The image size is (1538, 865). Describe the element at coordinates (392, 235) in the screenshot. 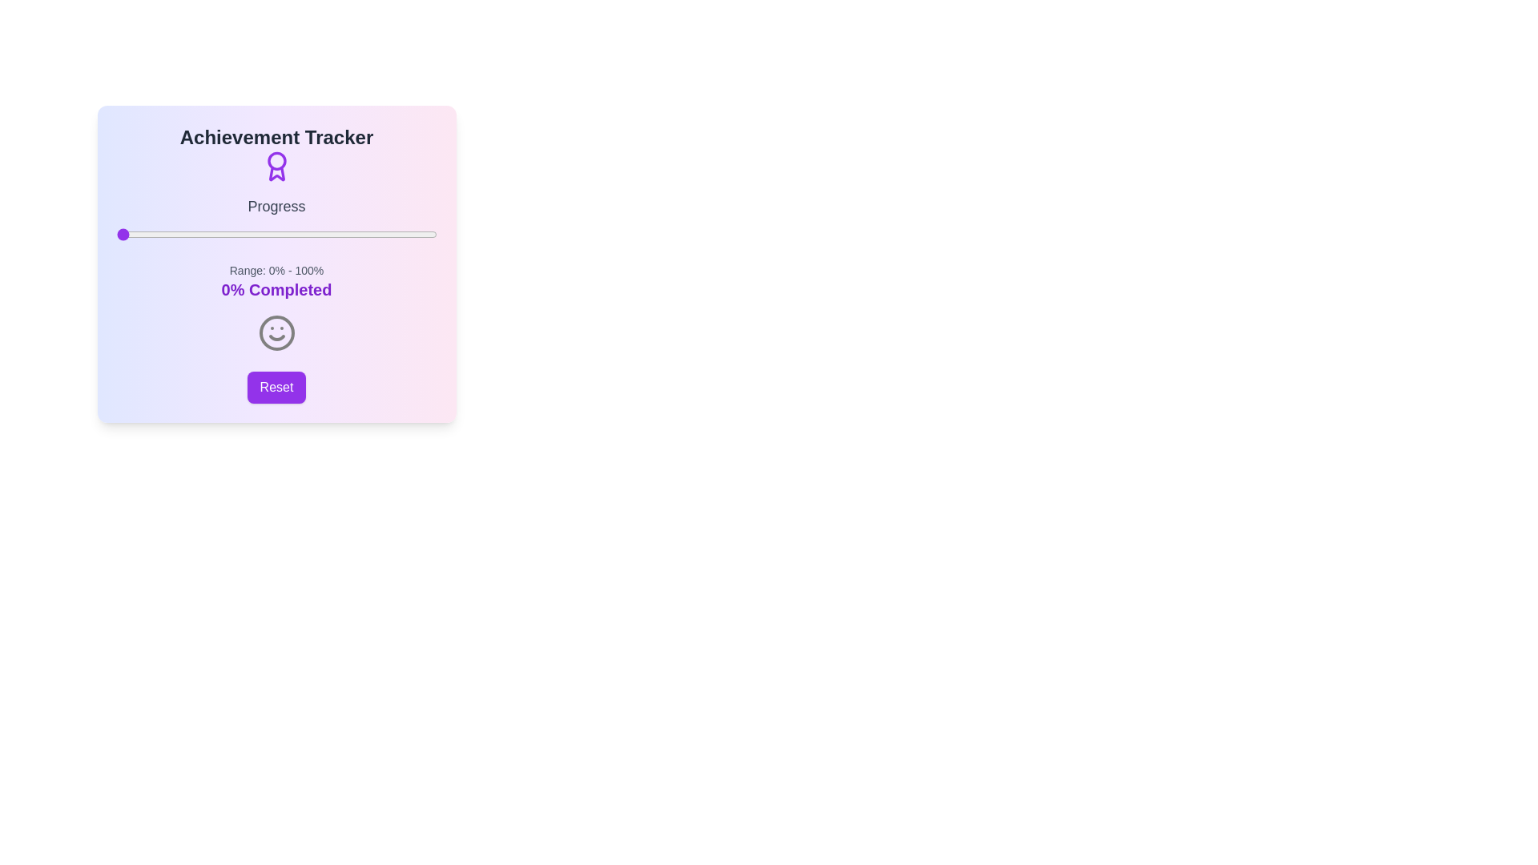

I see `the progress slider to 86%` at that location.